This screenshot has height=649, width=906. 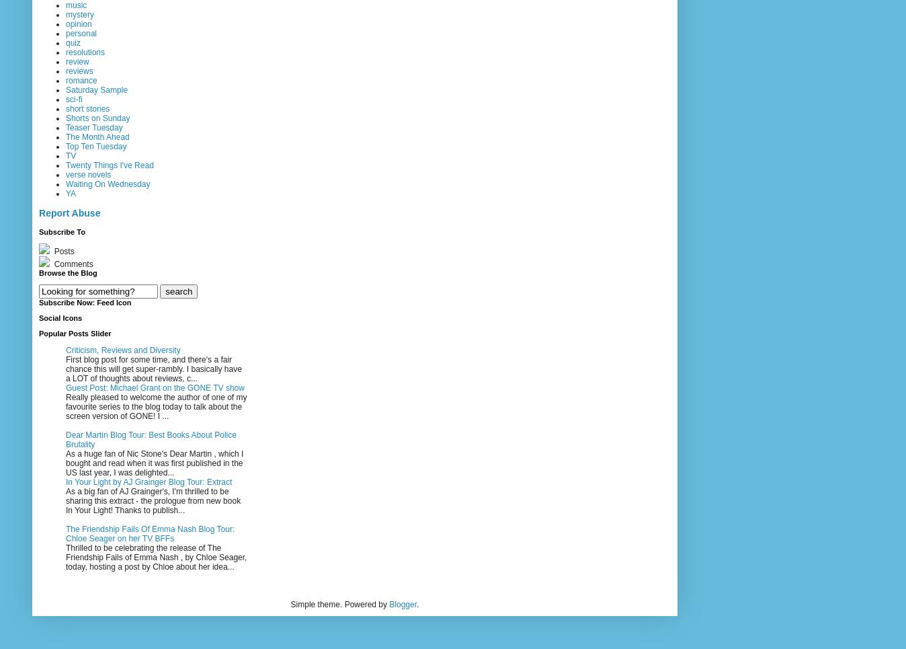 I want to click on 'review', so click(x=65, y=61).